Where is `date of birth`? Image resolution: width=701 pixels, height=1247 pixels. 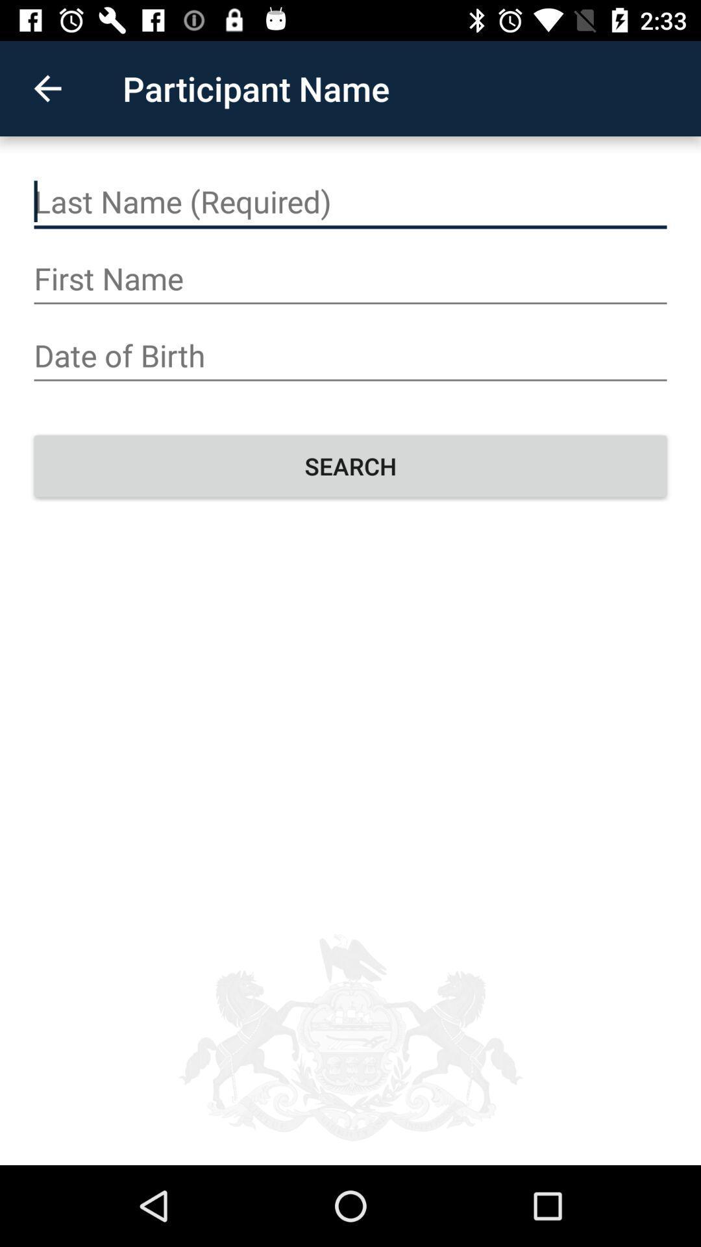 date of birth is located at coordinates (350, 356).